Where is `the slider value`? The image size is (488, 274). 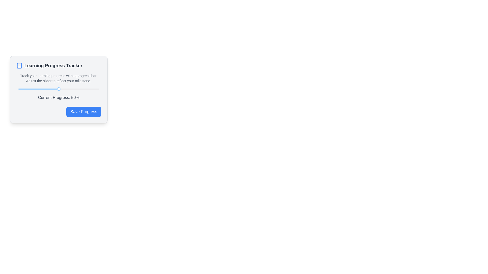 the slider value is located at coordinates (19, 89).